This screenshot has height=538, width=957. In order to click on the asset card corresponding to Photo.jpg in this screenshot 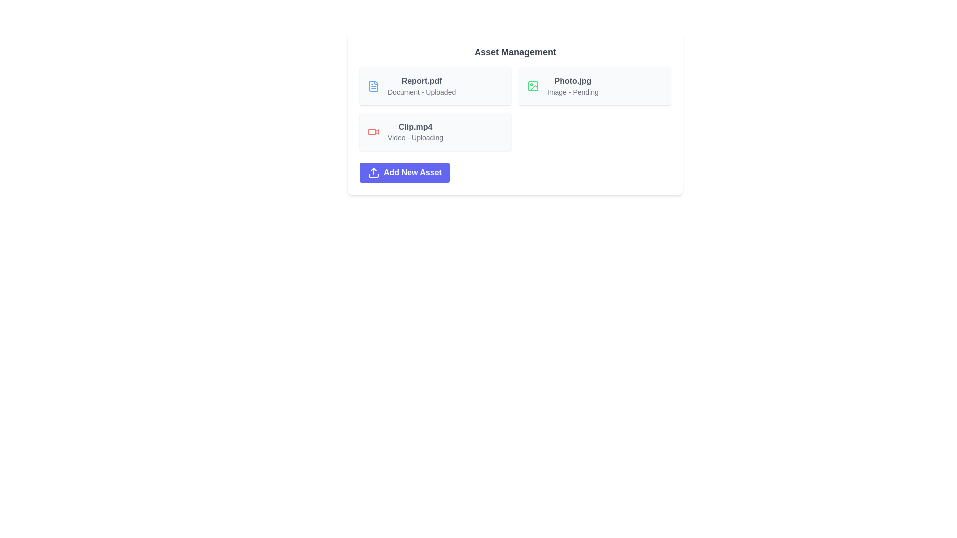, I will do `click(595, 86)`.